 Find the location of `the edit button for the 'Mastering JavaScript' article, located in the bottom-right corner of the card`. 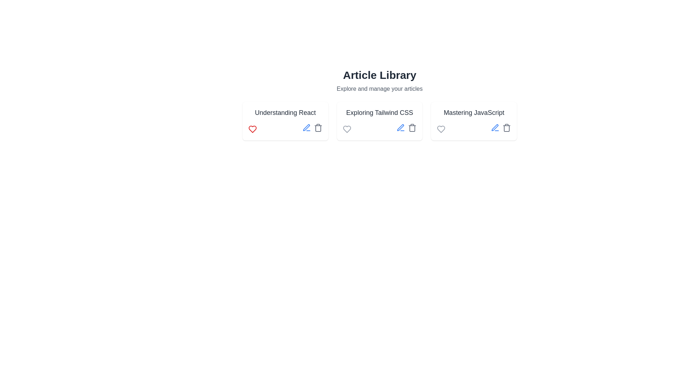

the edit button for the 'Mastering JavaScript' article, located in the bottom-right corner of the card is located at coordinates (494, 127).